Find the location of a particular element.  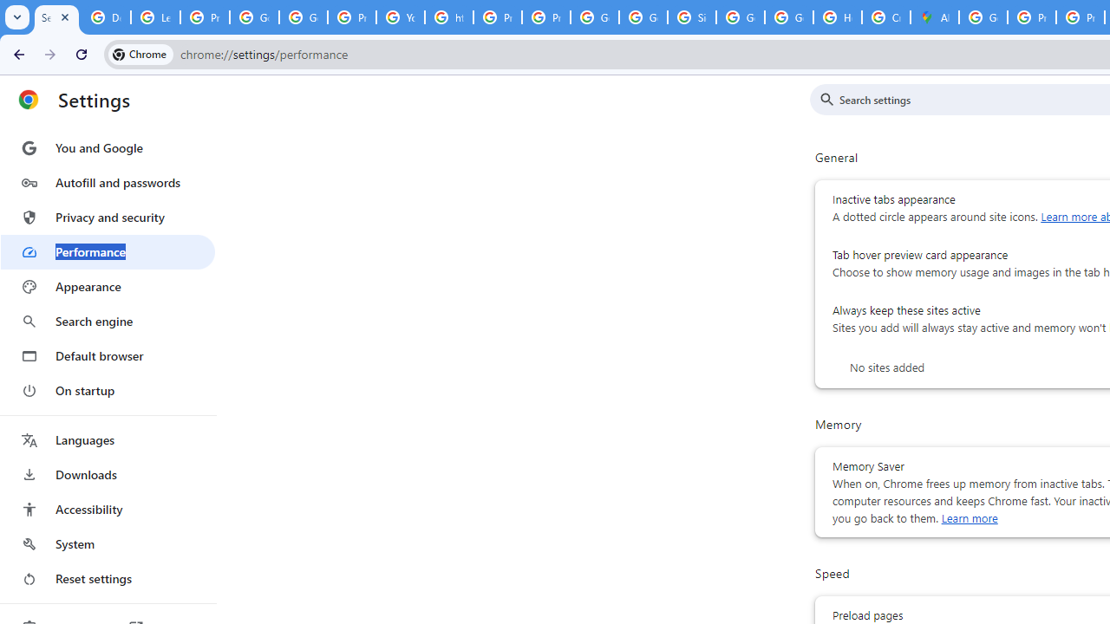

'Default browser' is located at coordinates (107, 355).